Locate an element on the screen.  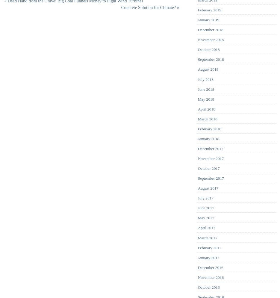
'January 2018' is located at coordinates (208, 138).